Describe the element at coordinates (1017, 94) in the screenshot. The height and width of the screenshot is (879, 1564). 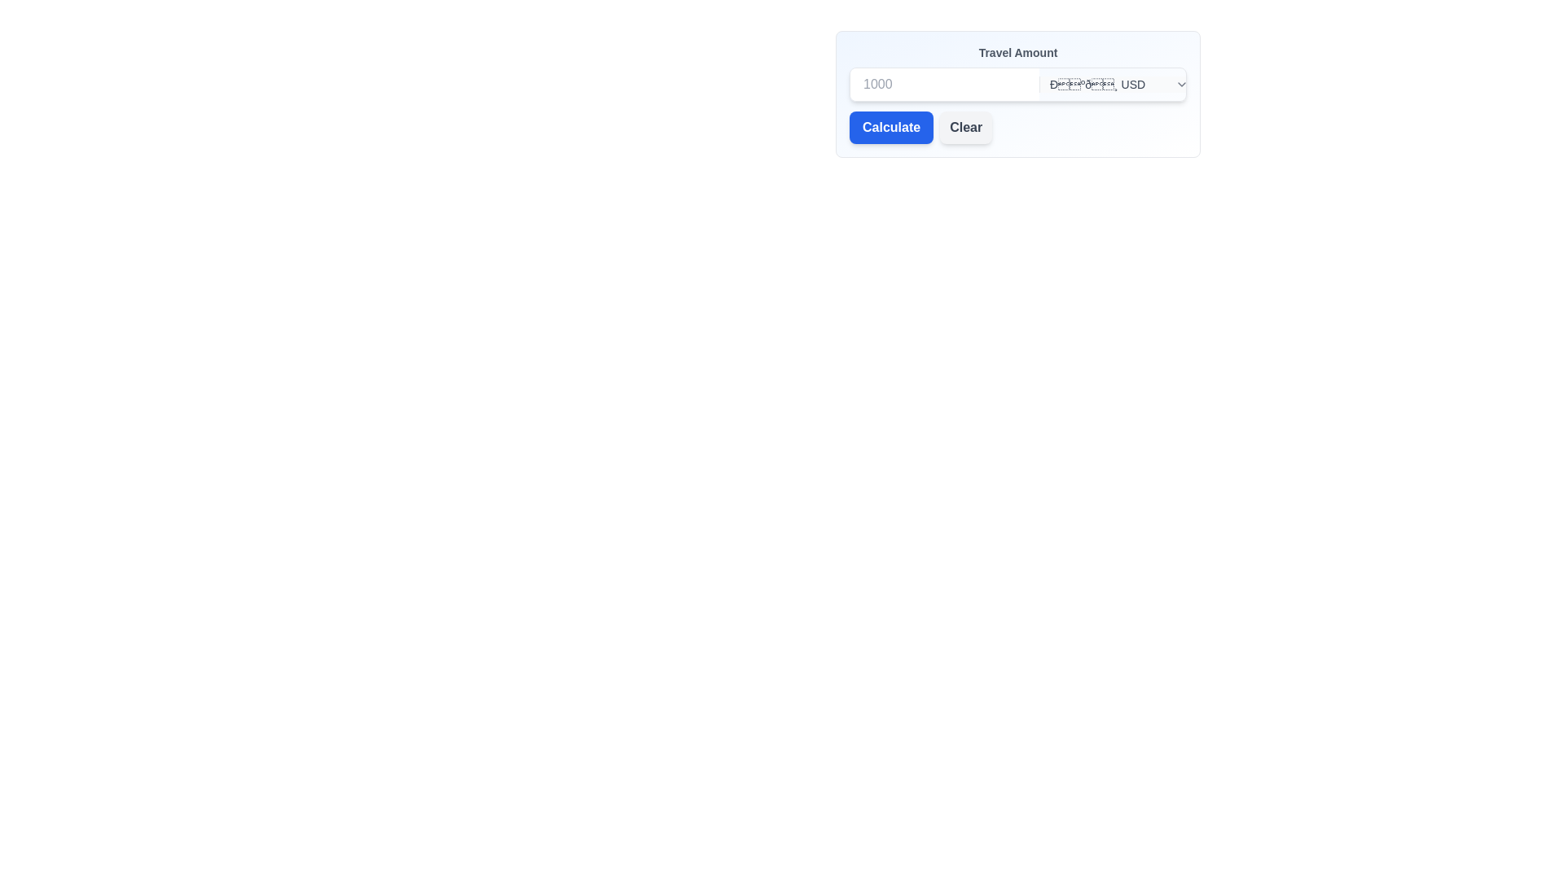
I see `the Dropdown menu located within the 'Travel Amount' section, which features a white background and rounded corners` at that location.